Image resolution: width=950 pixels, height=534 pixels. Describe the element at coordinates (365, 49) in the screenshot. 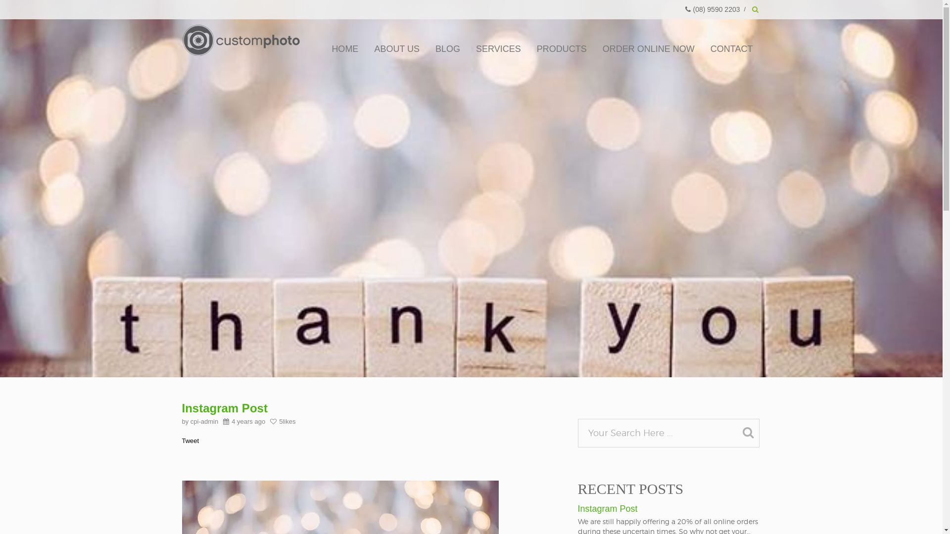

I see `'ABOUT US'` at that location.